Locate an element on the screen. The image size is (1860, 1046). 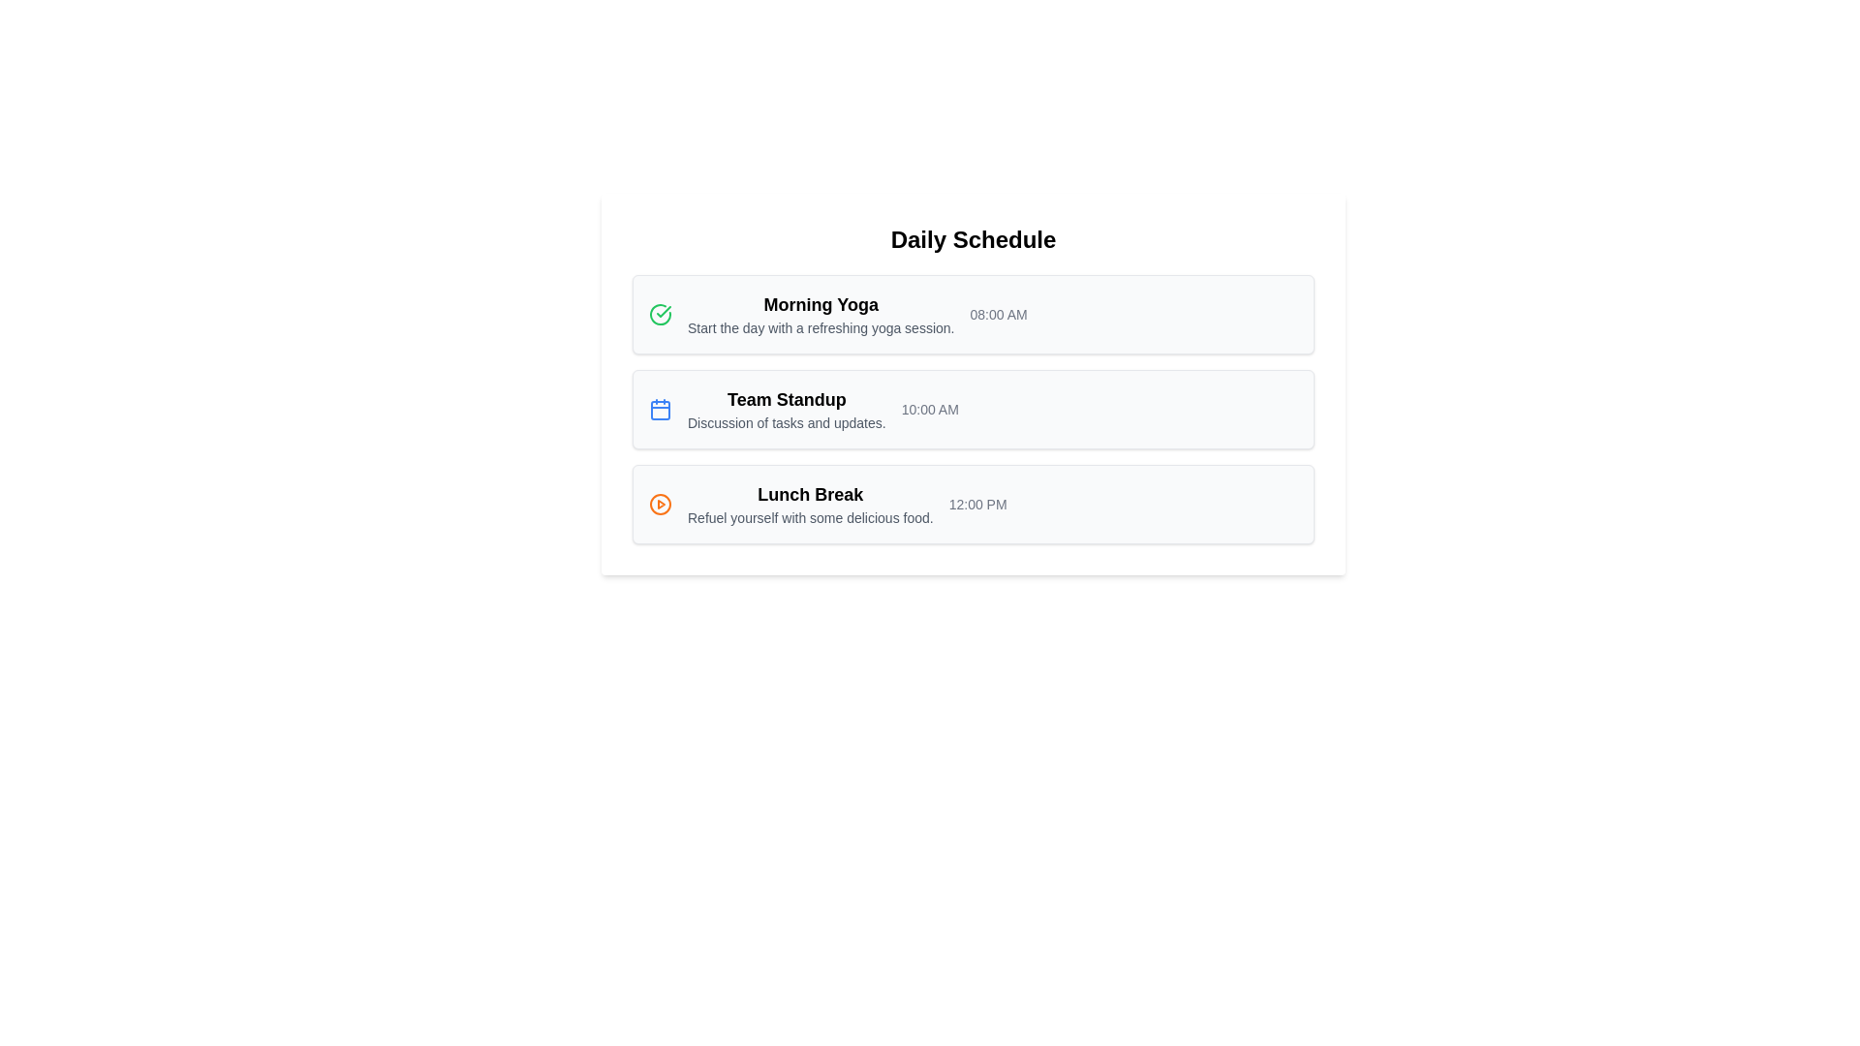
the static text element displaying '10:00 AM', which is aligned to the right within the list item block containing the 'Team Standup' title is located at coordinates (930, 409).